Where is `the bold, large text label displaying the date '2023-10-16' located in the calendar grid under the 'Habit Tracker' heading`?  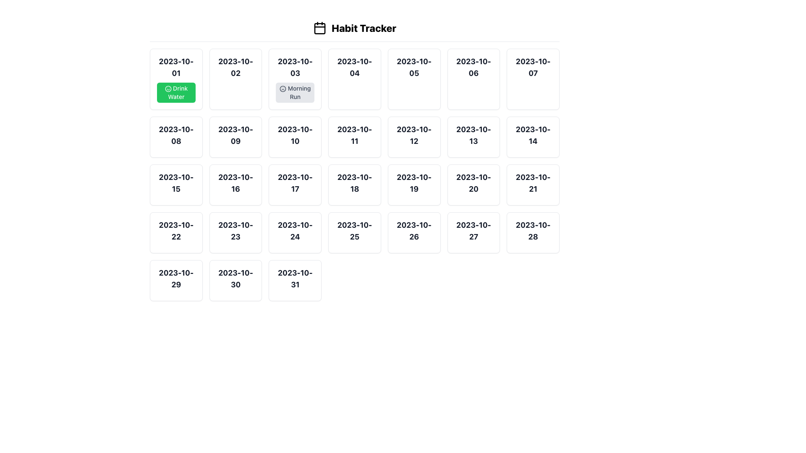 the bold, large text label displaying the date '2023-10-16' located in the calendar grid under the 'Habit Tracker' heading is located at coordinates (235, 182).